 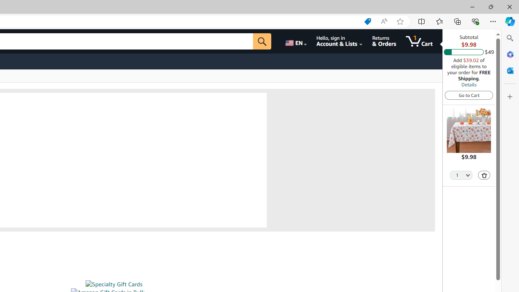 What do you see at coordinates (510, 70) in the screenshot?
I see `'Outlook'` at bounding box center [510, 70].